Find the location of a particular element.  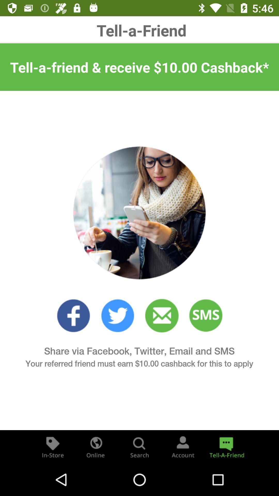

in-store button is located at coordinates (53, 446).